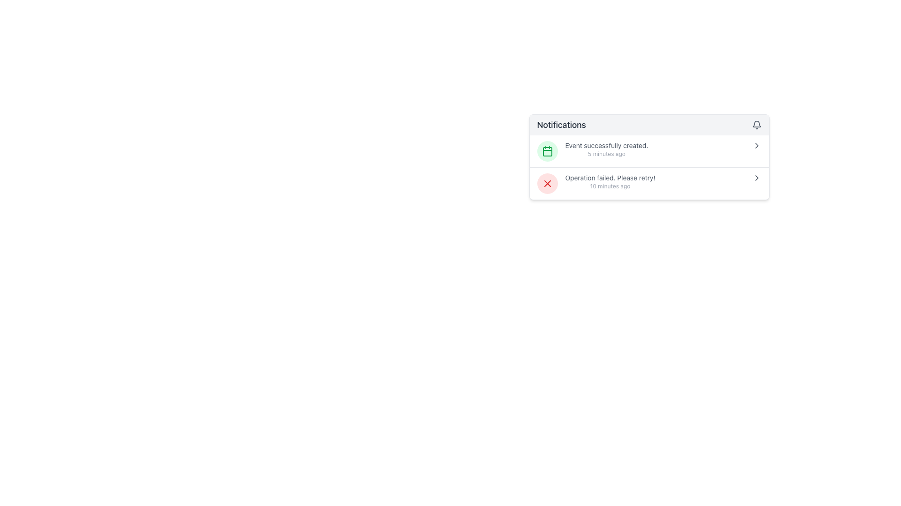 This screenshot has width=901, height=506. What do you see at coordinates (547, 151) in the screenshot?
I see `the calendar icon within the green circular background, which indicates date-related notifications, located to the left of the notification labeled 'Event successfully created. 5 minutes ago.'` at bounding box center [547, 151].